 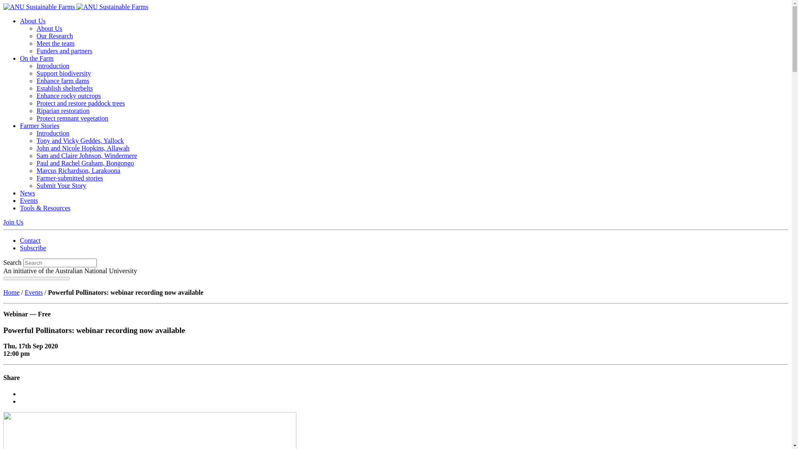 What do you see at coordinates (63, 73) in the screenshot?
I see `'Support biodiversity'` at bounding box center [63, 73].